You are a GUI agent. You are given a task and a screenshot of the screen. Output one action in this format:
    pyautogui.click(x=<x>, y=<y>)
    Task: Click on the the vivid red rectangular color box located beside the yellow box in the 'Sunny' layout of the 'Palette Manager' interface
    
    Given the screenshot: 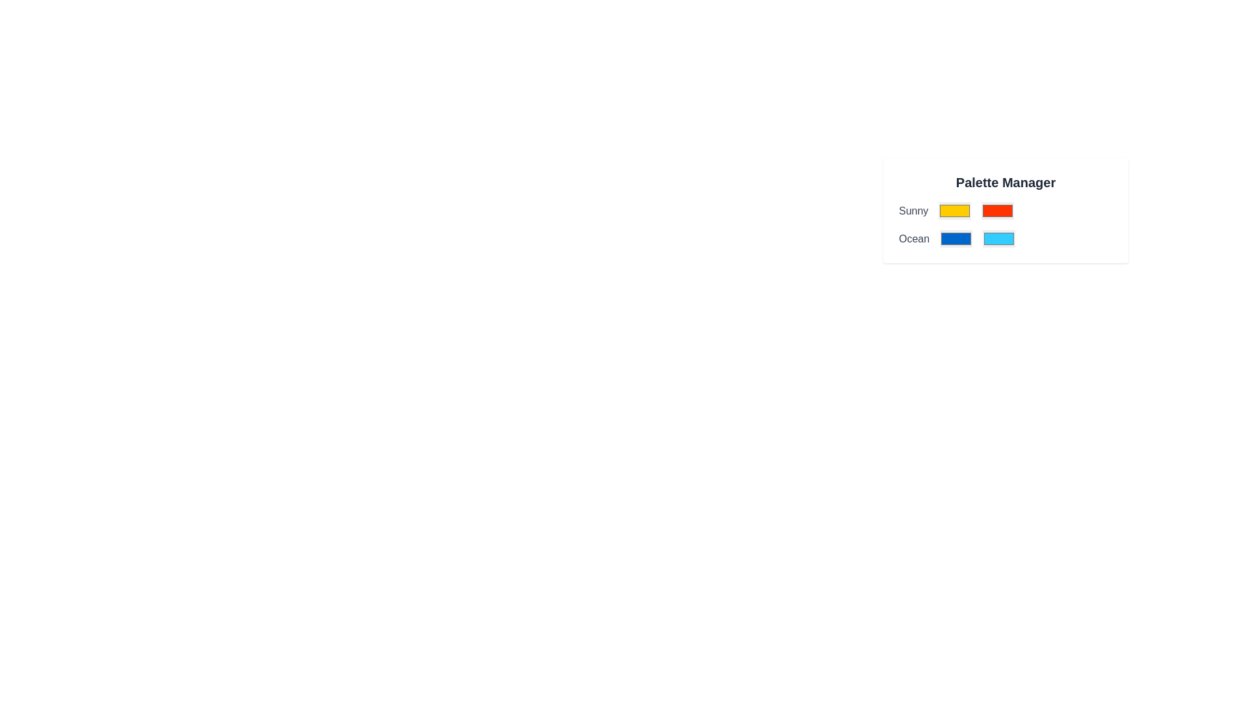 What is the action you would take?
    pyautogui.click(x=1005, y=205)
    